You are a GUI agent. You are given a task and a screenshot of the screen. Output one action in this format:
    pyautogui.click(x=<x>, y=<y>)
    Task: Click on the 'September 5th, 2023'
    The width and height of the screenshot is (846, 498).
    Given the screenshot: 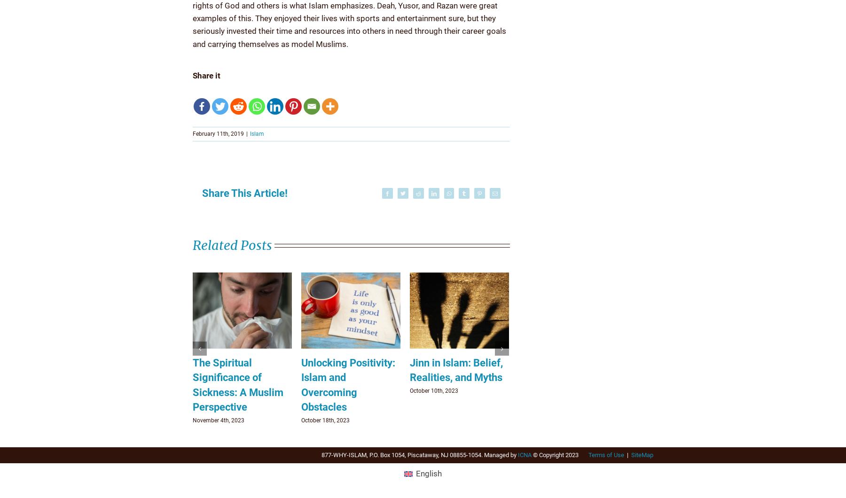 What is the action you would take?
    pyautogui.click(x=327, y=420)
    